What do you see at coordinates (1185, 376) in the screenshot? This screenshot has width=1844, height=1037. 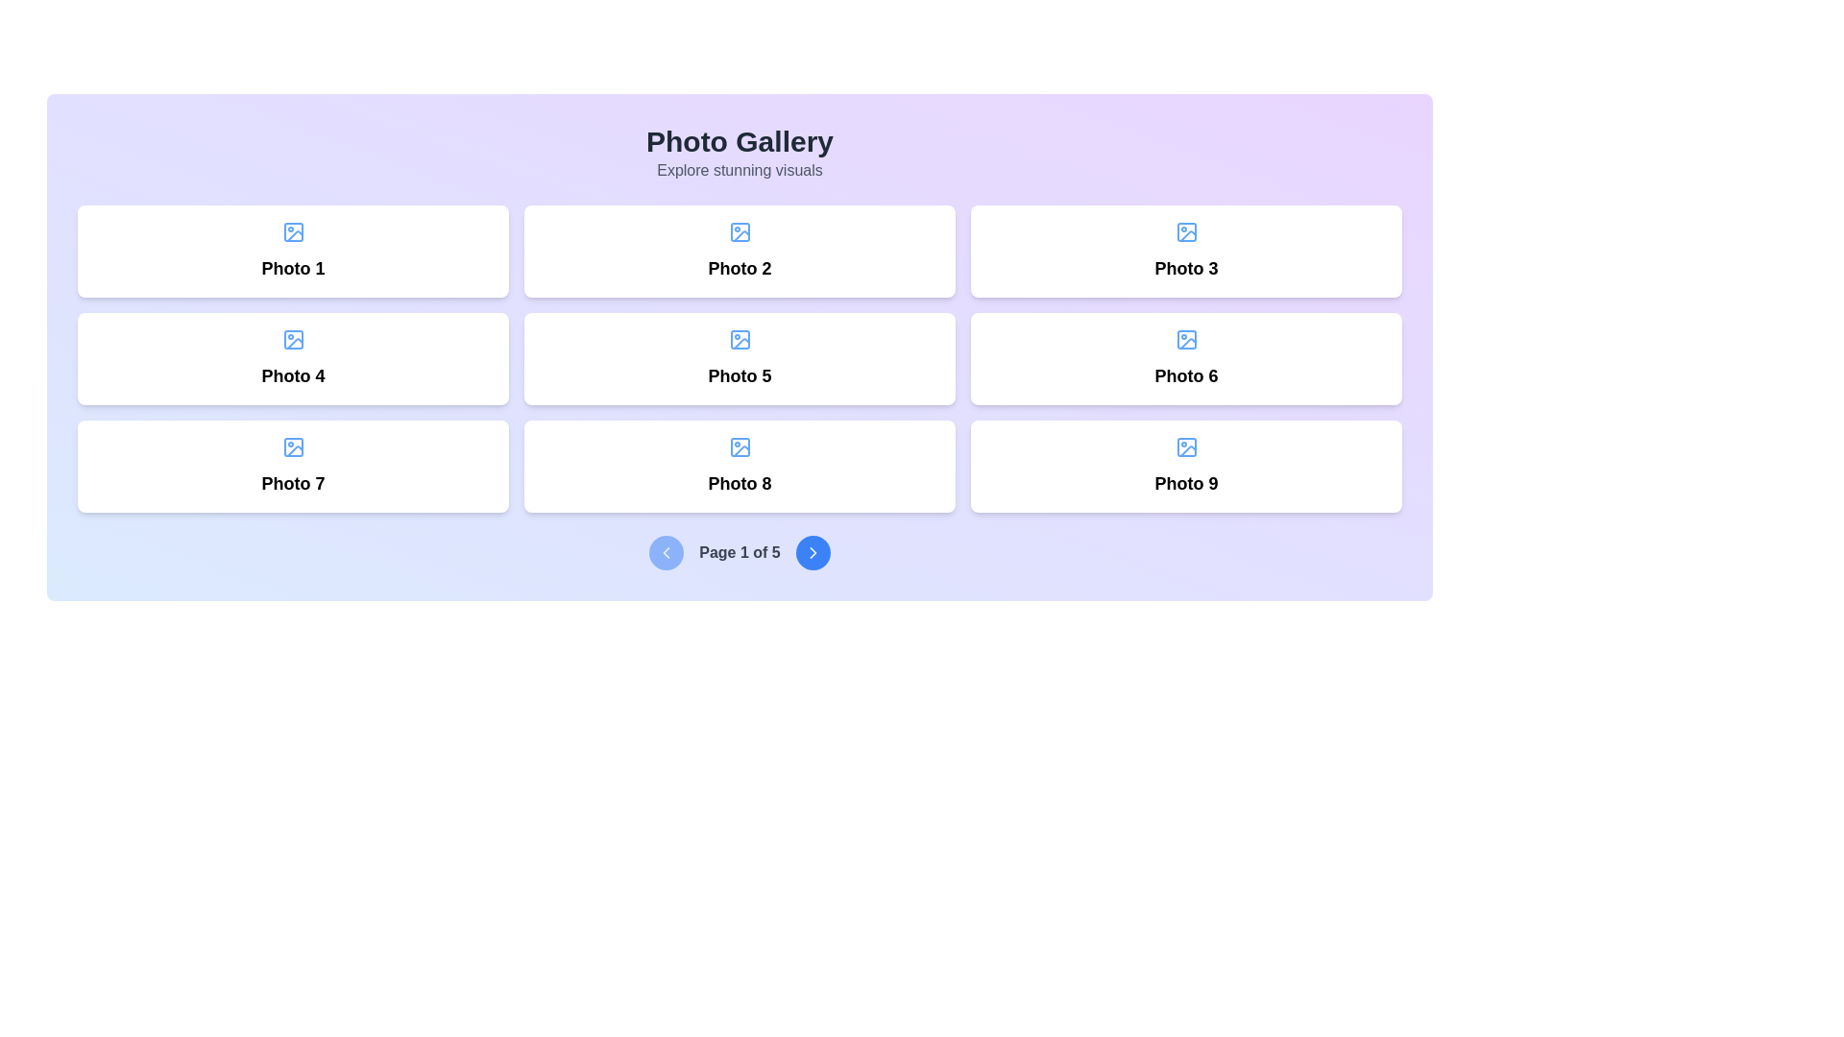 I see `the text label element that identifies 'Photo 6', located in the second row, third column of a 3x3 grid structure` at bounding box center [1185, 376].